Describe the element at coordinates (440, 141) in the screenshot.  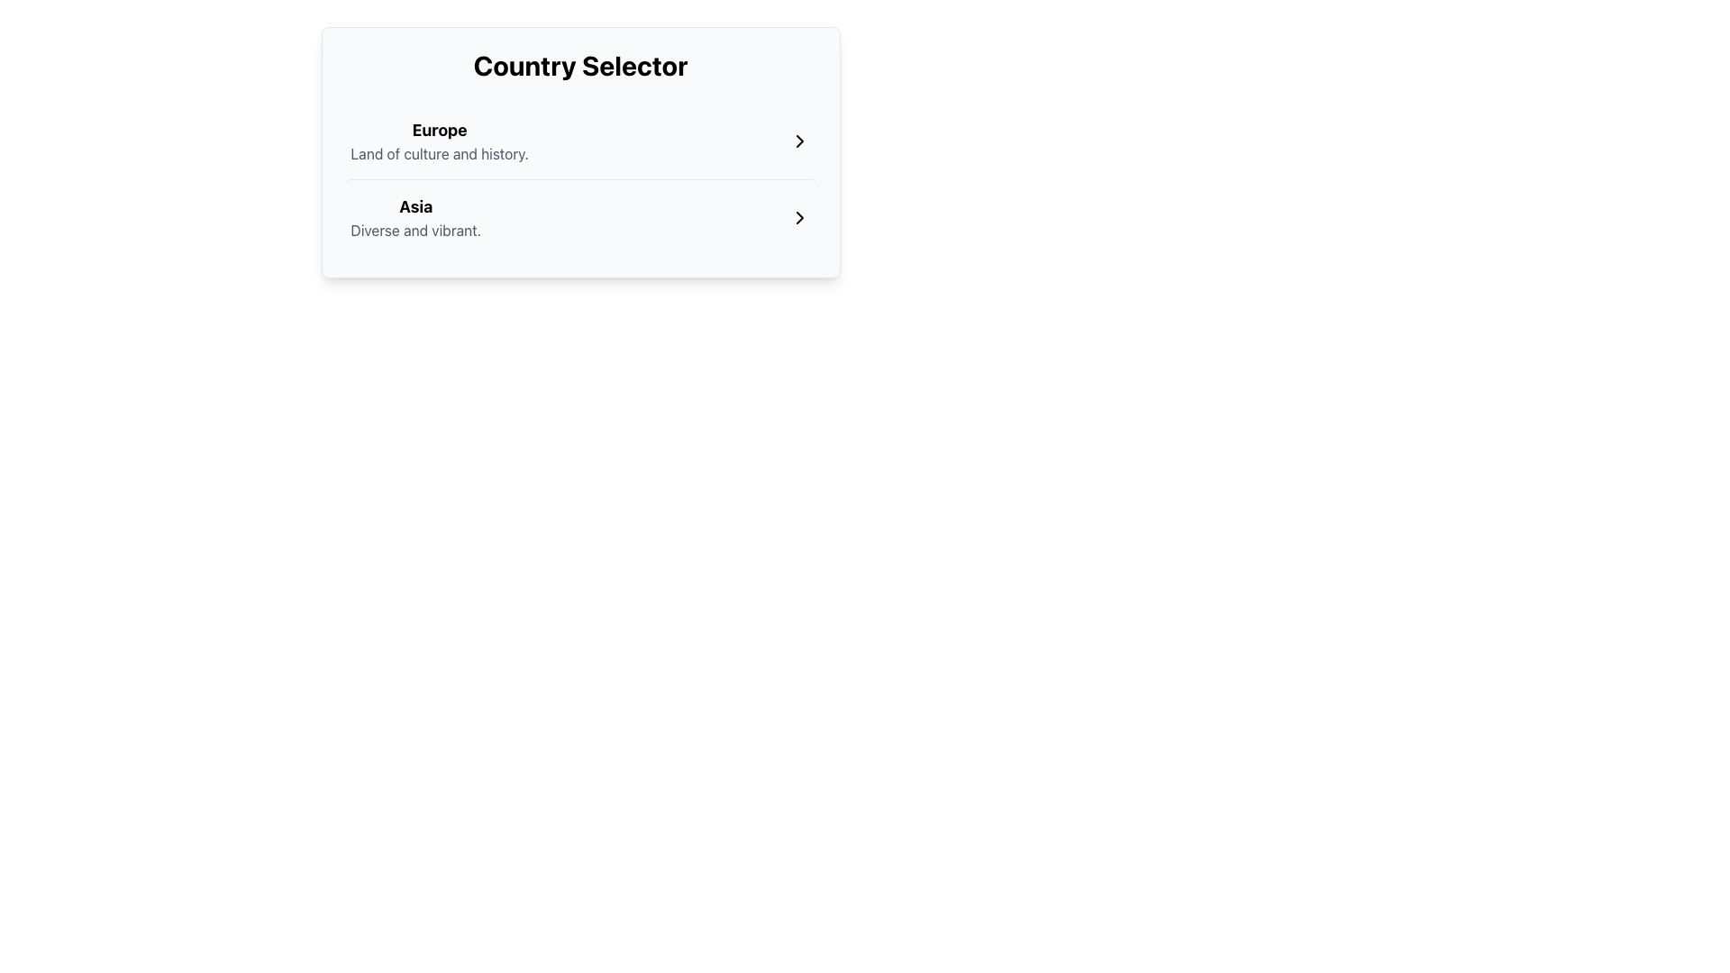
I see `the first list item titled 'Europe' in the 'Country Selector' section` at that location.